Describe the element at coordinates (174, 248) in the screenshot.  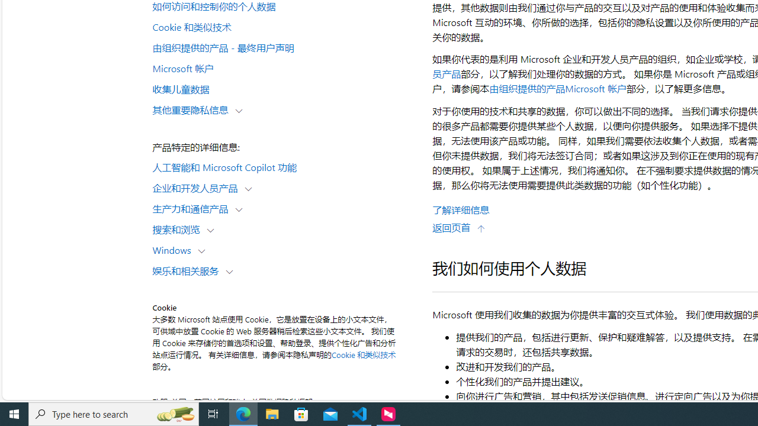
I see `'Windows'` at that location.